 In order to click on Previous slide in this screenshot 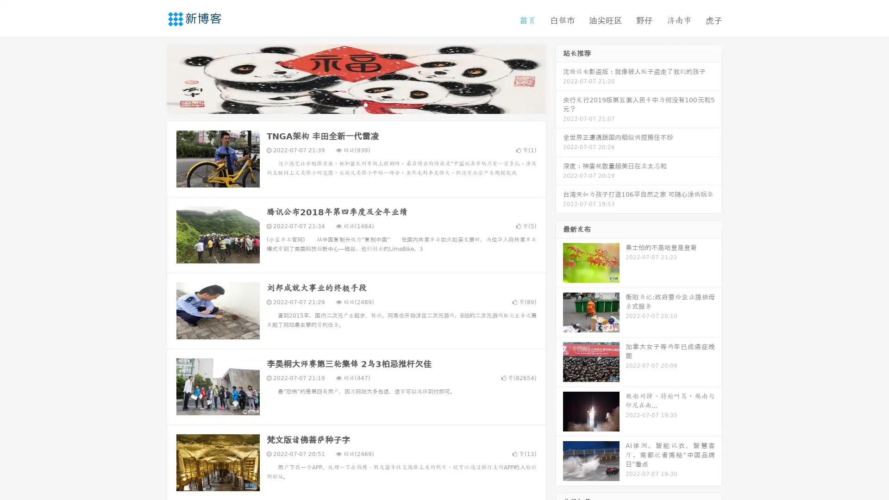, I will do `click(153, 78)`.